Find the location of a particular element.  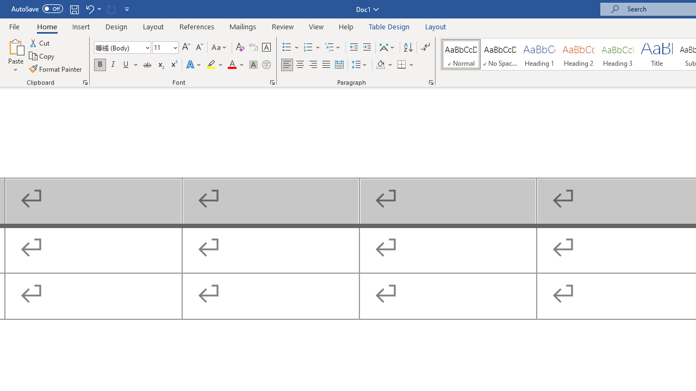

'Font Color Red' is located at coordinates (231, 65).